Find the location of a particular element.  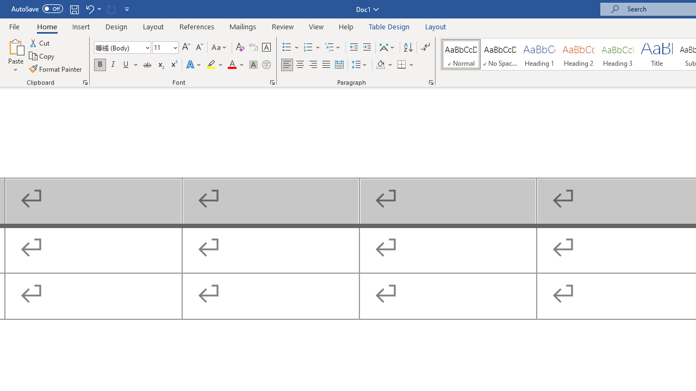

'Font Color Red' is located at coordinates (231, 65).